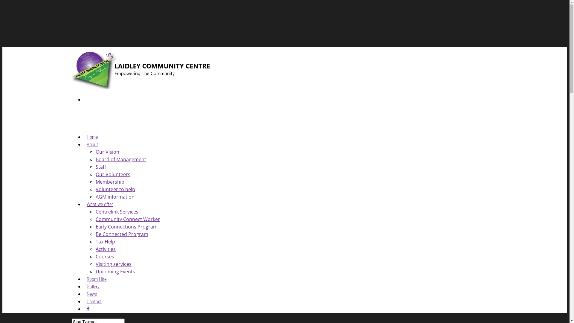 The height and width of the screenshot is (323, 574). Describe the element at coordinates (92, 138) in the screenshot. I see `'Home'` at that location.